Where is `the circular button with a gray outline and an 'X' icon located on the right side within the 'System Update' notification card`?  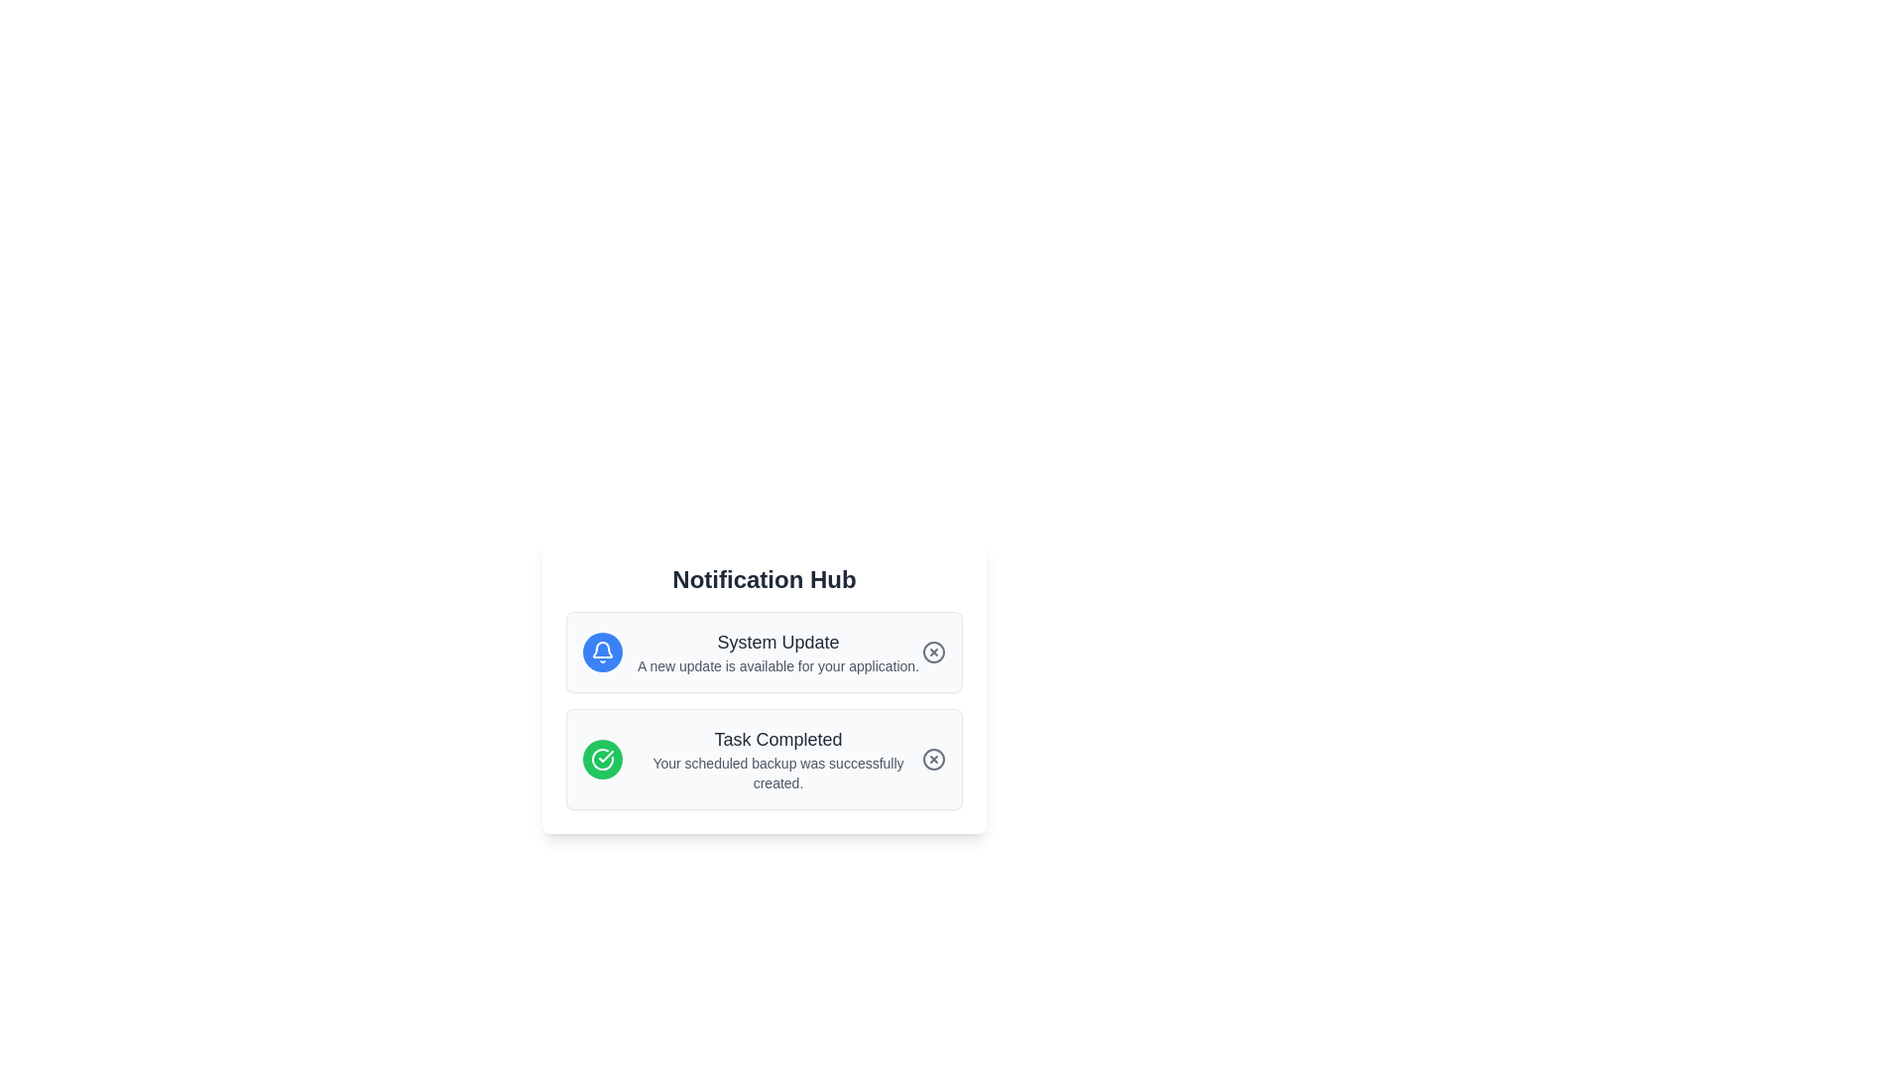 the circular button with a gray outline and an 'X' icon located on the right side within the 'System Update' notification card is located at coordinates (932, 653).